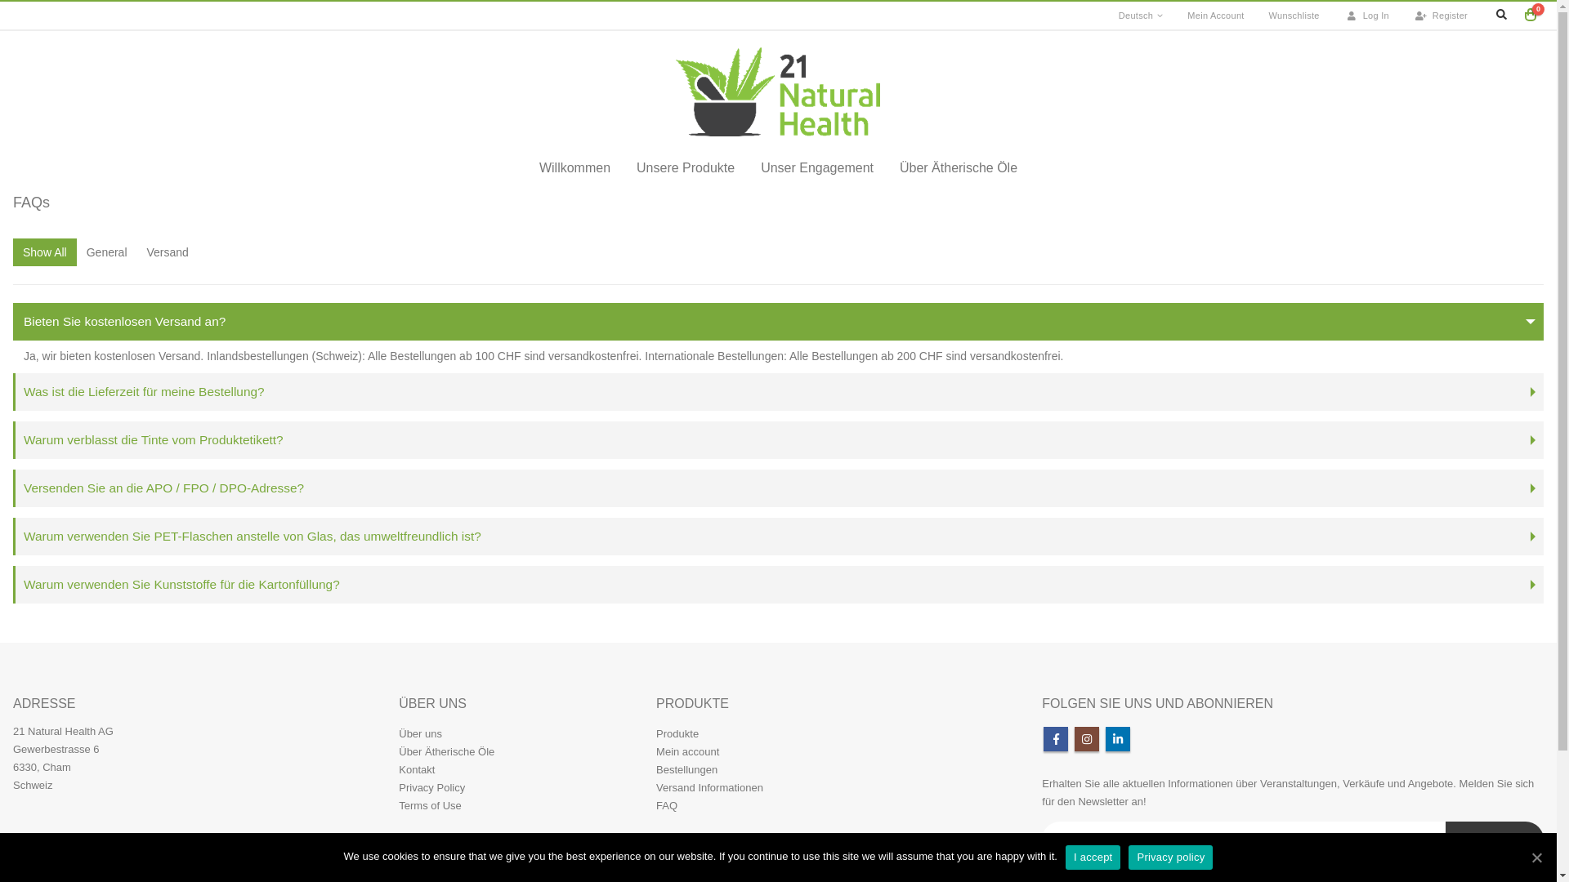  What do you see at coordinates (1066, 856) in the screenshot?
I see `'I accept'` at bounding box center [1066, 856].